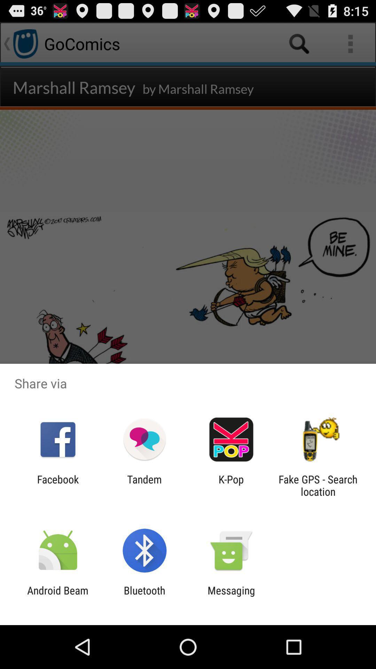 The width and height of the screenshot is (376, 669). I want to click on item next to the android beam icon, so click(144, 596).